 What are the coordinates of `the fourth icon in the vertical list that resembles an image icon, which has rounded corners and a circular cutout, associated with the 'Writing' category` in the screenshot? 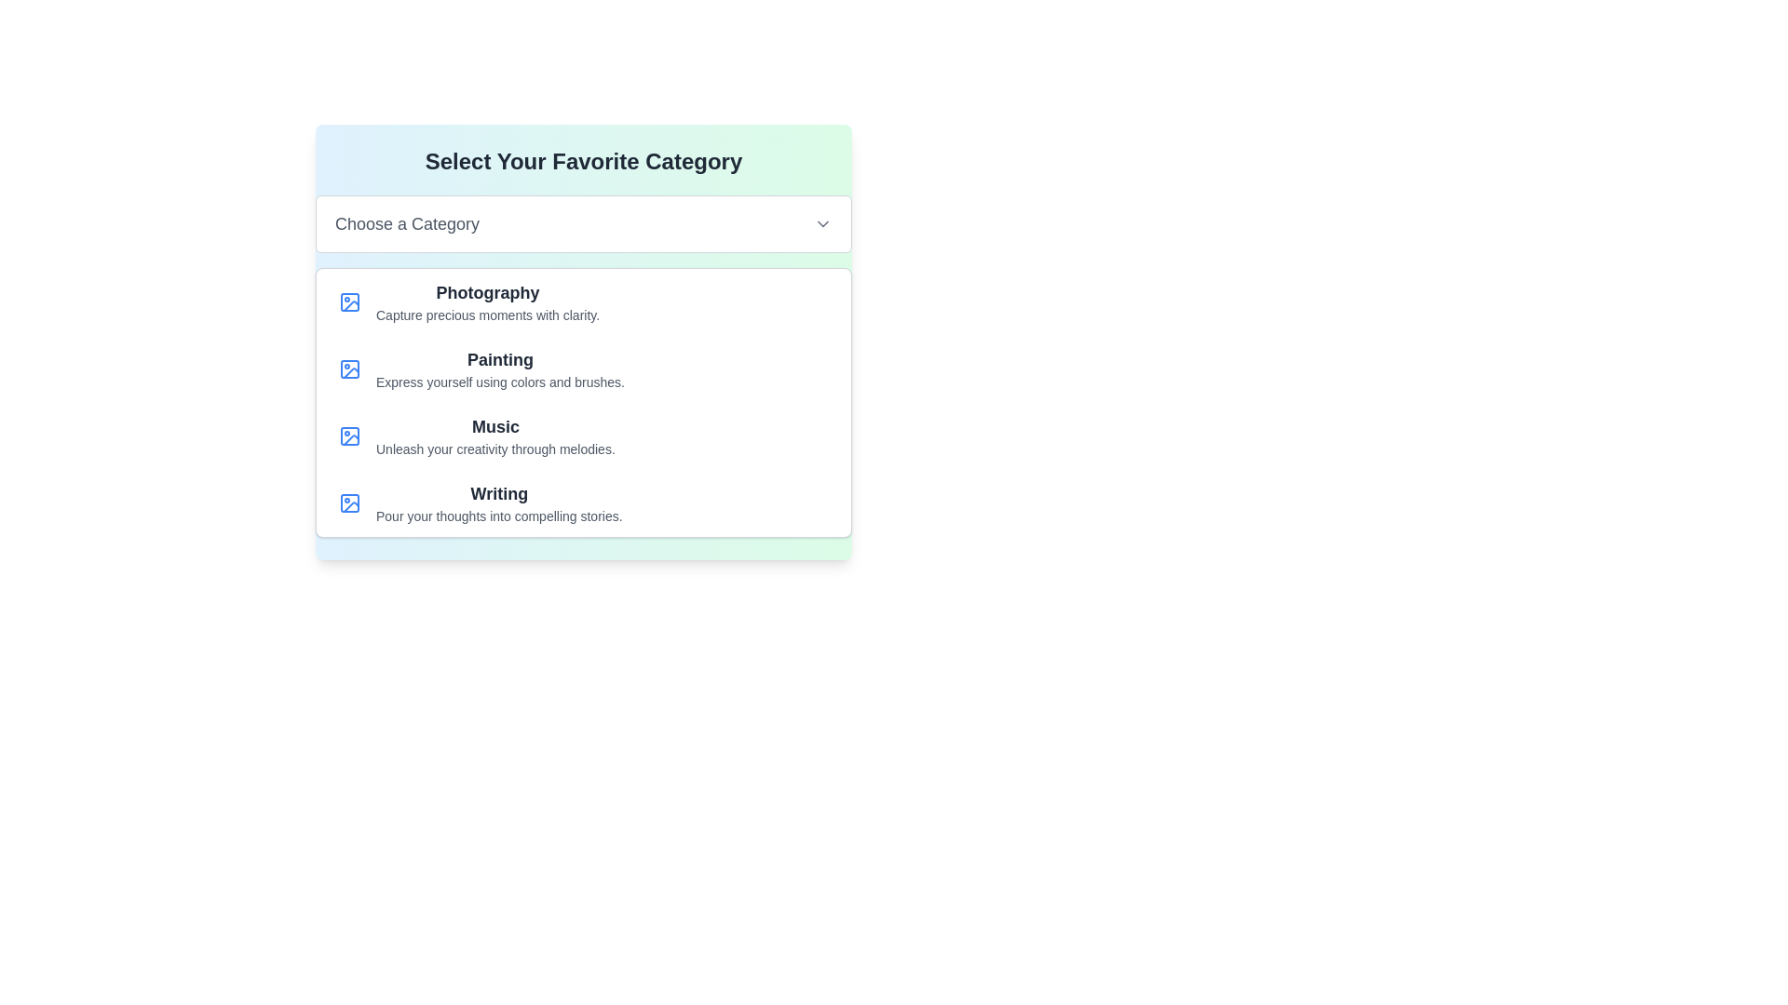 It's located at (349, 502).